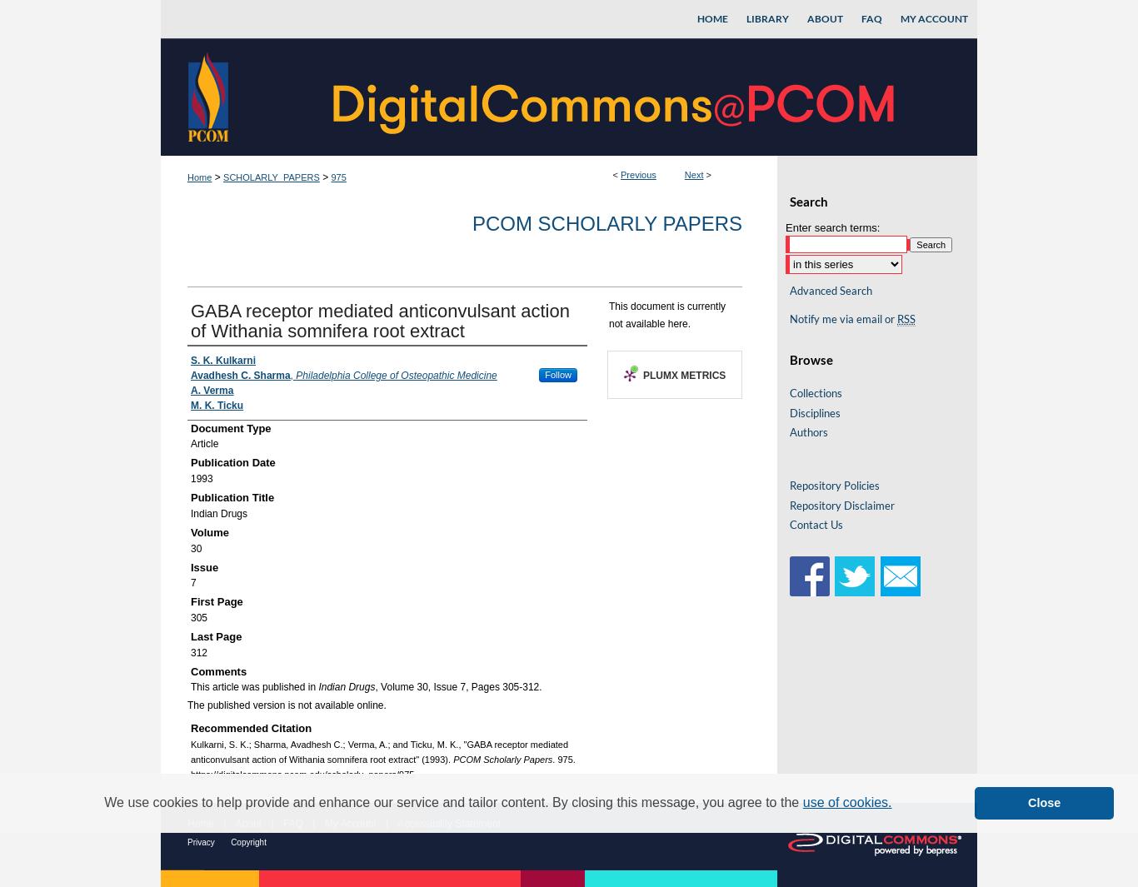 The image size is (1138, 887). What do you see at coordinates (204, 566) in the screenshot?
I see `'Issue'` at bounding box center [204, 566].